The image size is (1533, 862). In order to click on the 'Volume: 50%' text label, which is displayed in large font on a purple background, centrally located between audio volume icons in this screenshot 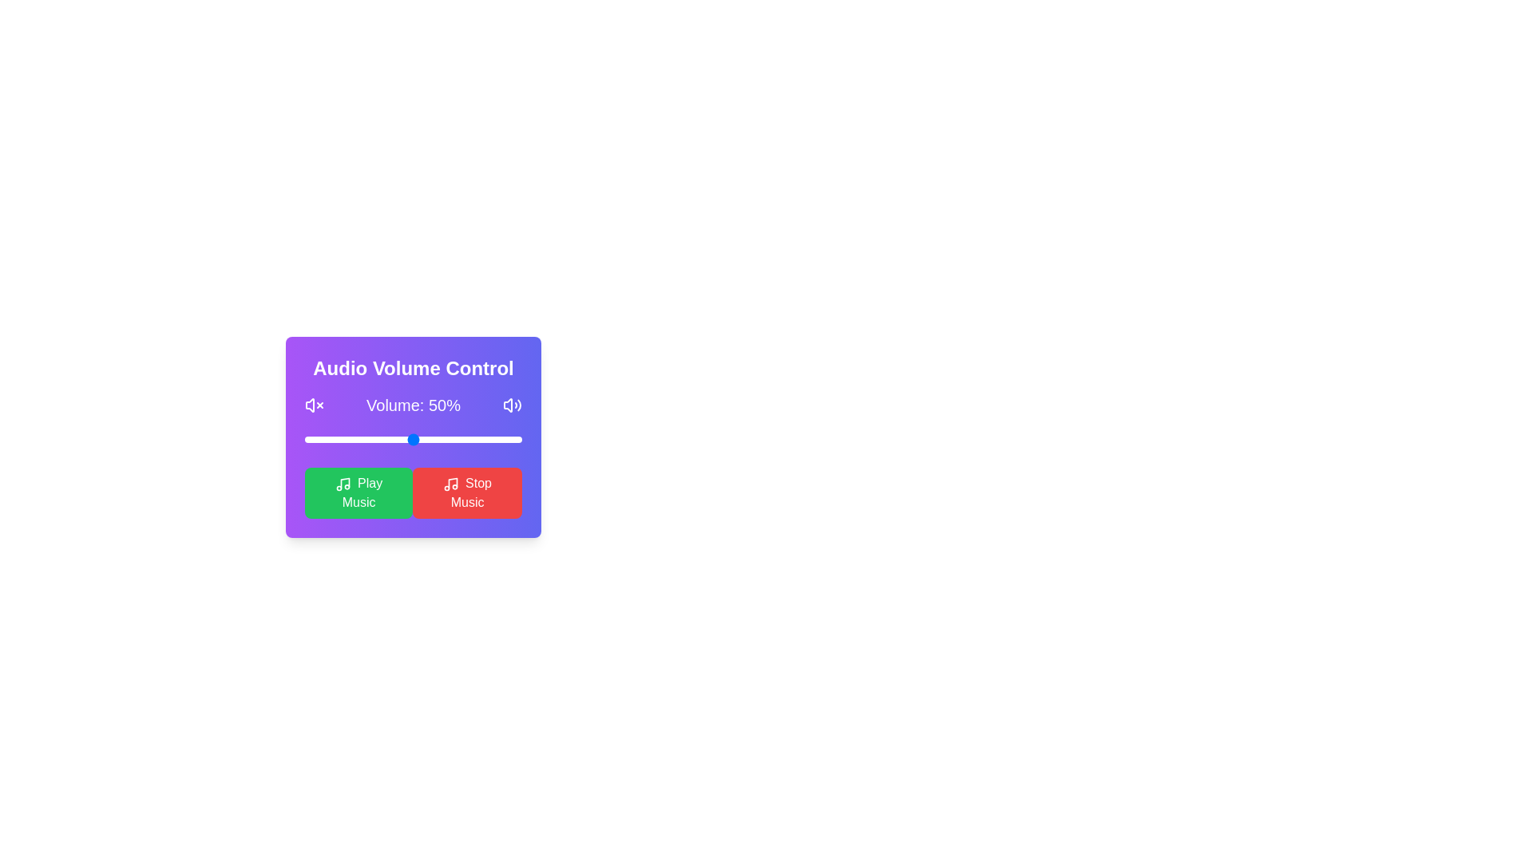, I will do `click(414, 405)`.